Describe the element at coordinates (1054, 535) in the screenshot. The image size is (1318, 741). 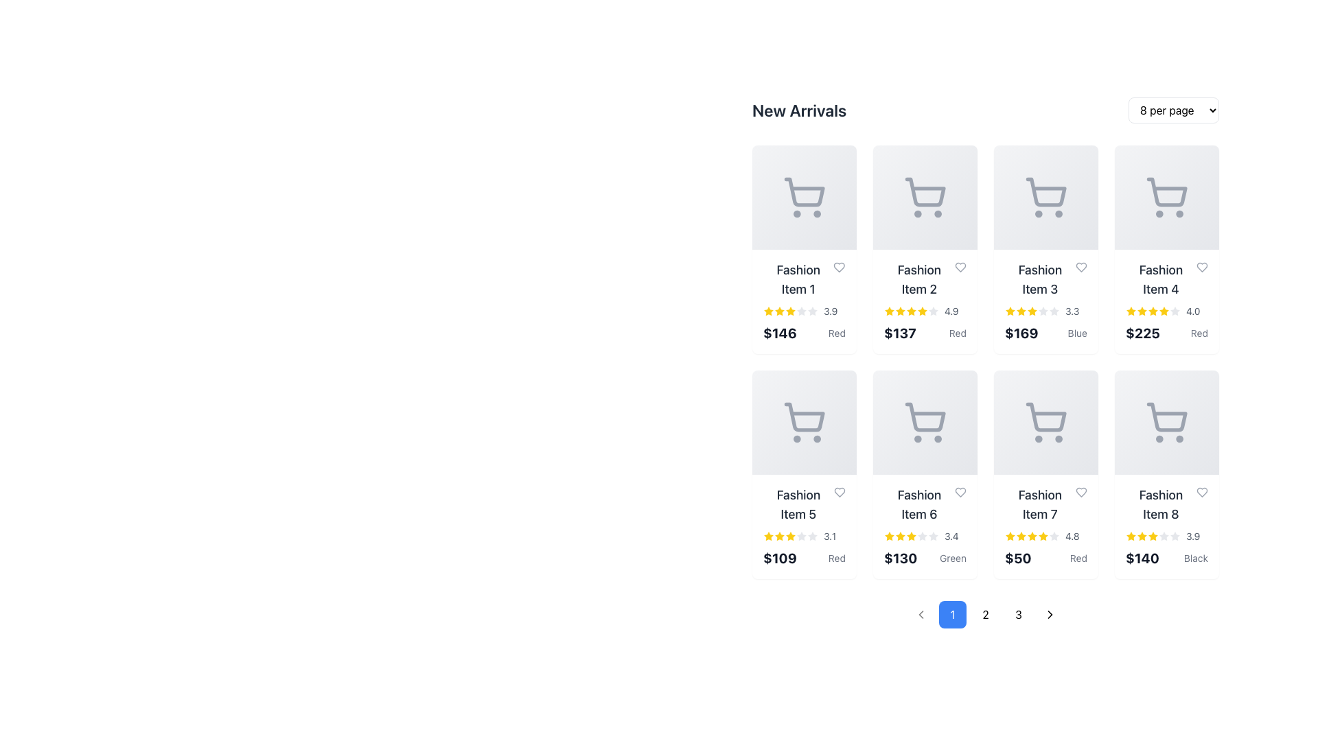
I see `the star icon in the rating system for the fifth product card associated with 'Fashion Item 7' to rate it` at that location.